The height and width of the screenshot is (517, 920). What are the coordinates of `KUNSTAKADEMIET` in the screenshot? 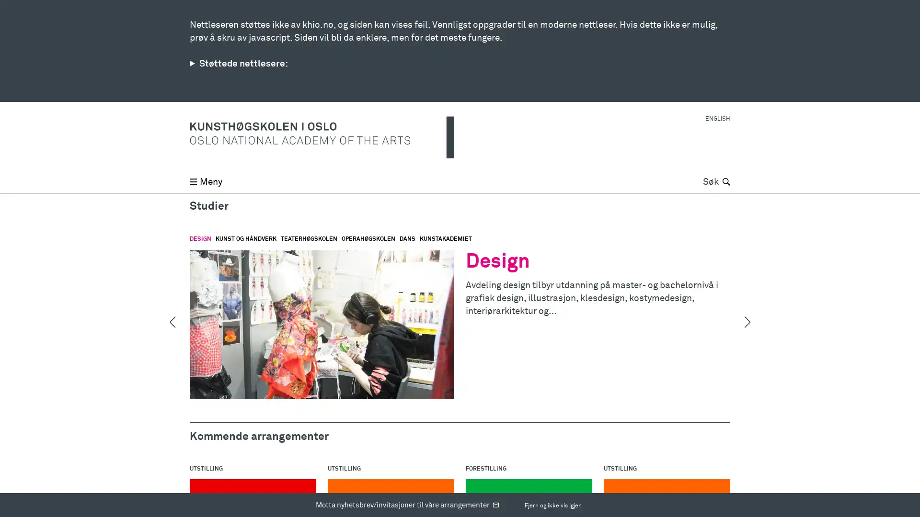 It's located at (445, 239).